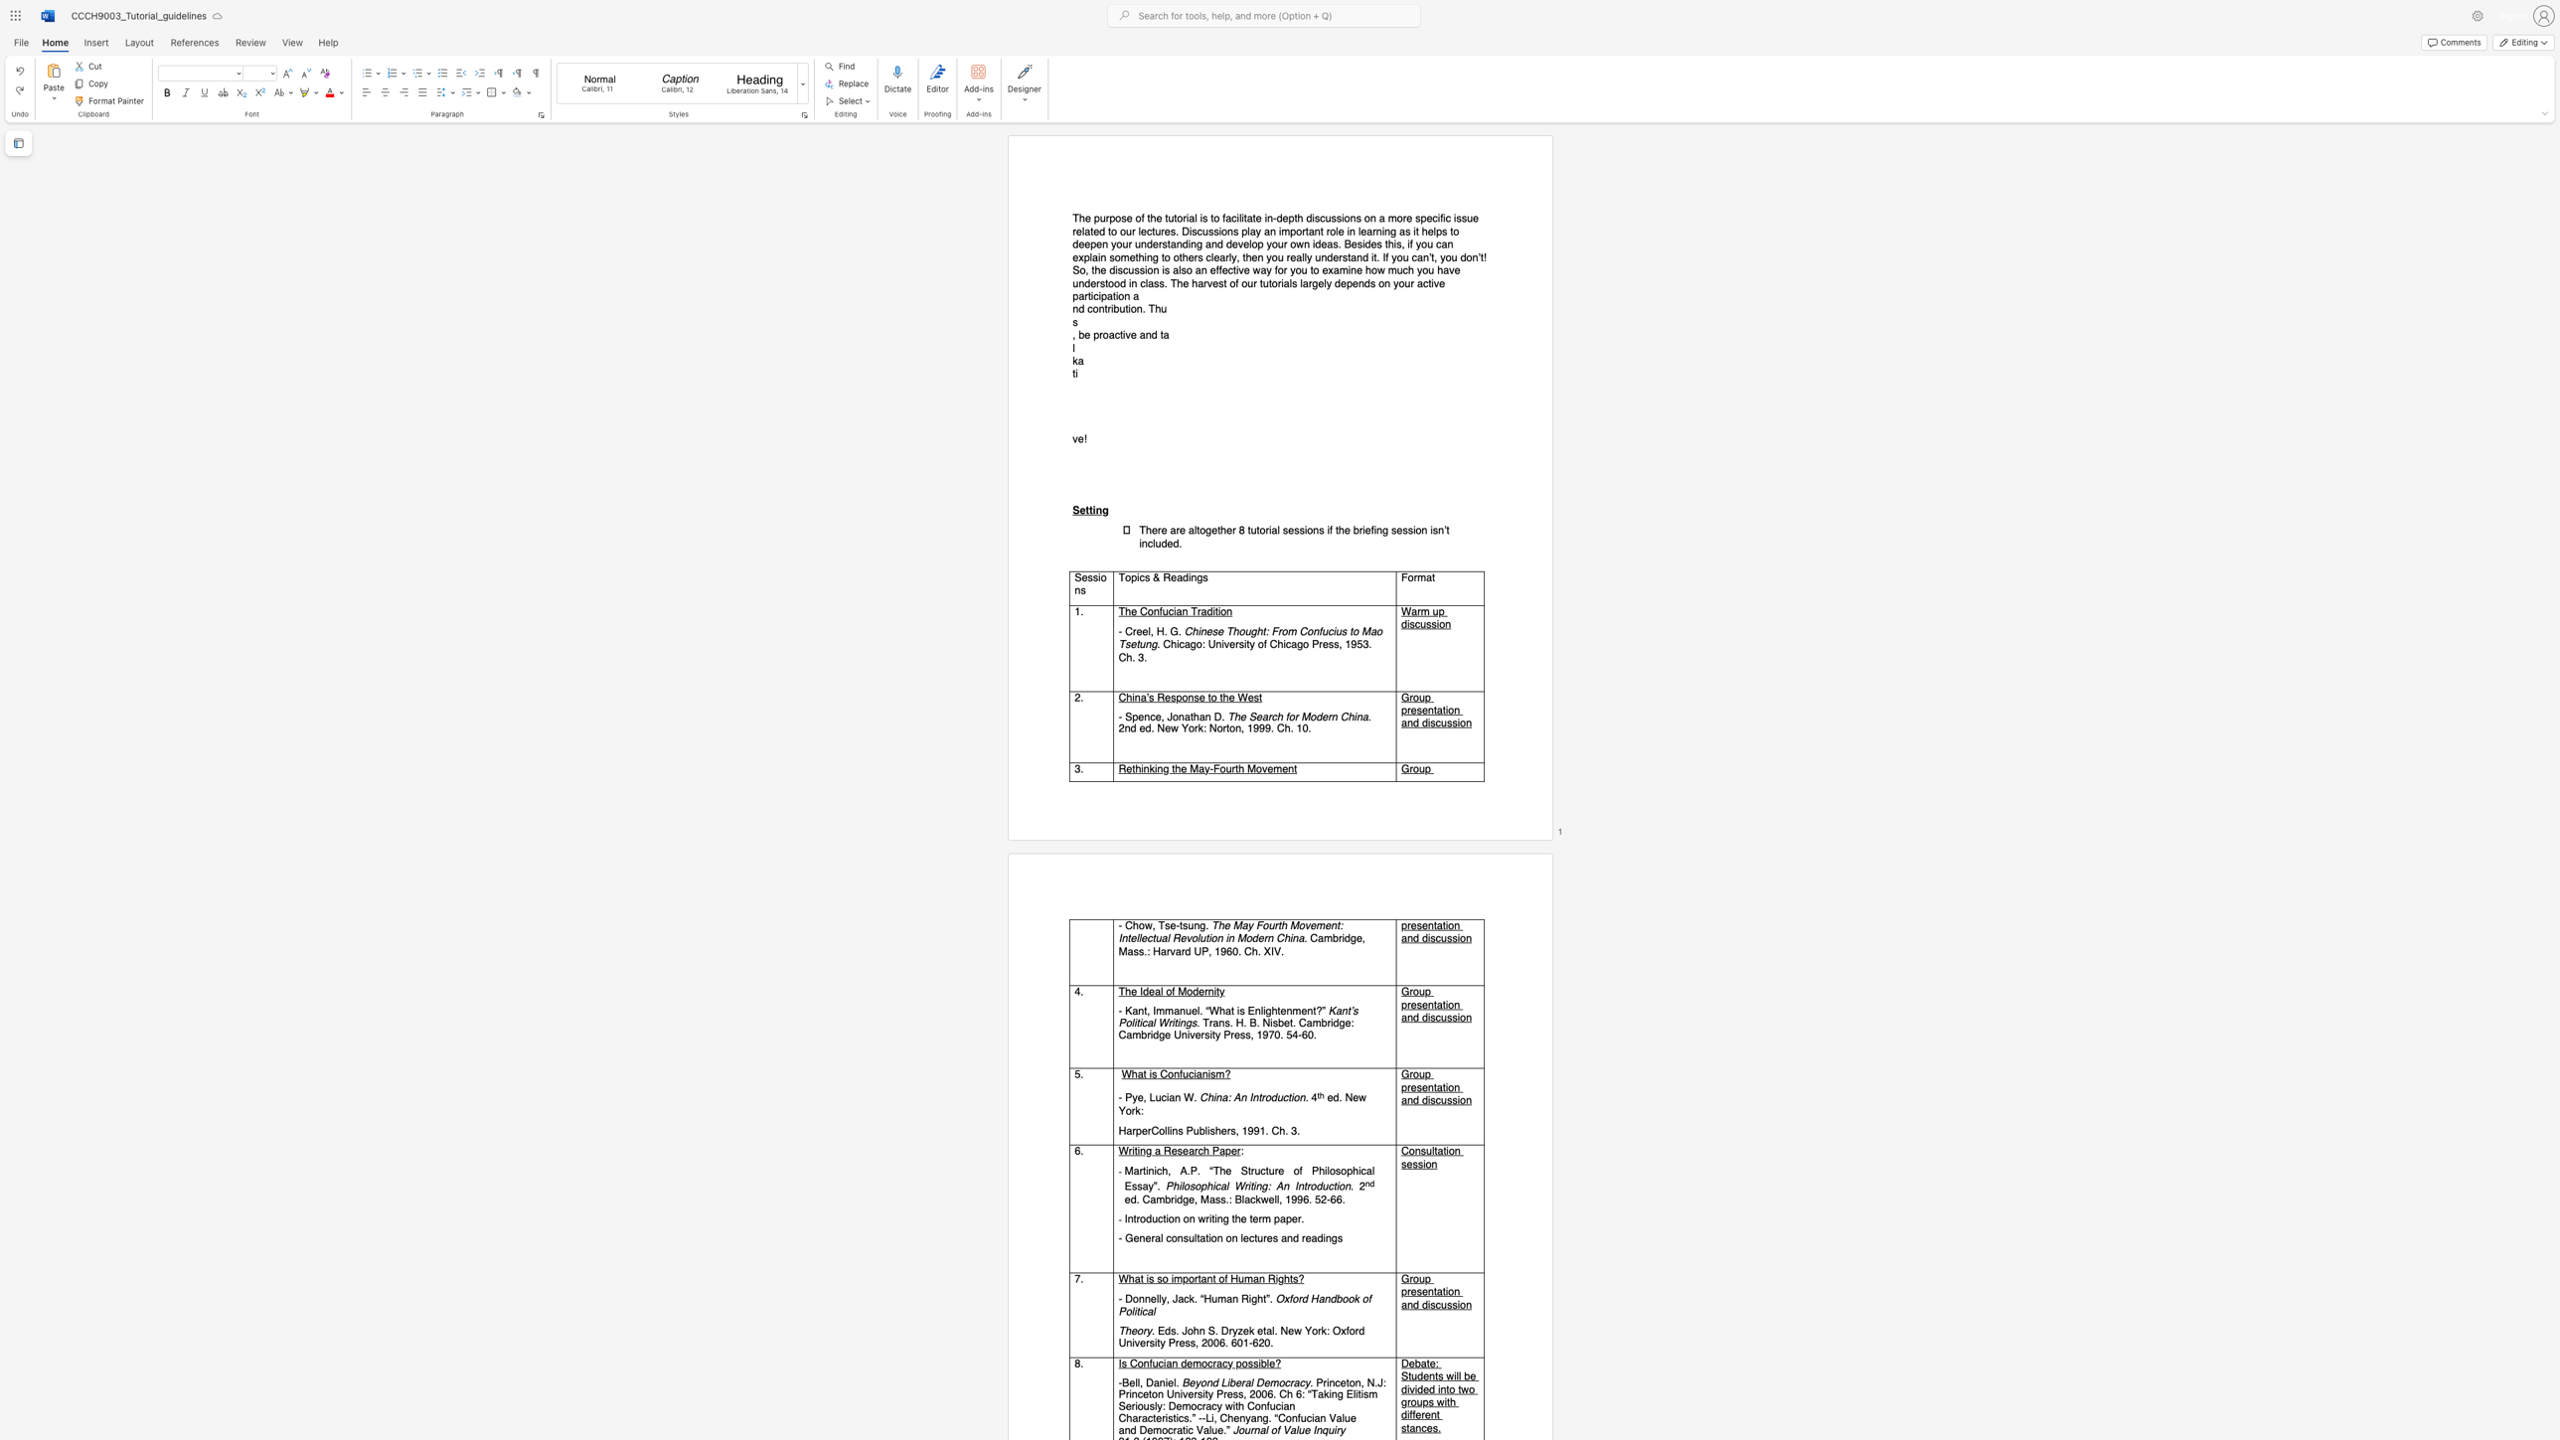  I want to click on the subset text "active part" within the text "The purpose of the tutorial is to facilitate in-depth discussions on a more specific issue related to our lectures. Discussions play an important role in learning as it helps to deepen your understanding and develop your own ideas. Besides this, if you can explain something to others clearly, then you really understand it. If you can’t, you don’t! So, the discussion is also an effective way for you to examine how much you have understood in class. The harvest of our tutorials largely depends on your active participation a", so click(1417, 282).